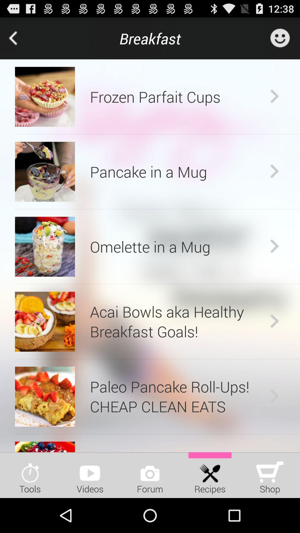 The width and height of the screenshot is (300, 533). What do you see at coordinates (30, 475) in the screenshot?
I see `icon to the left of the videos` at bounding box center [30, 475].